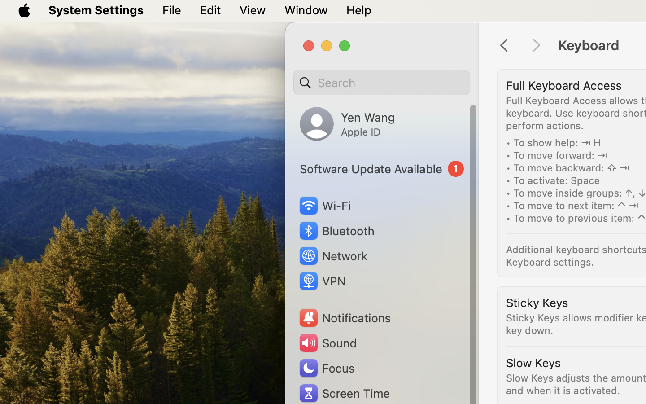 This screenshot has width=646, height=404. Describe the element at coordinates (336, 230) in the screenshot. I see `'Bluetooth'` at that location.